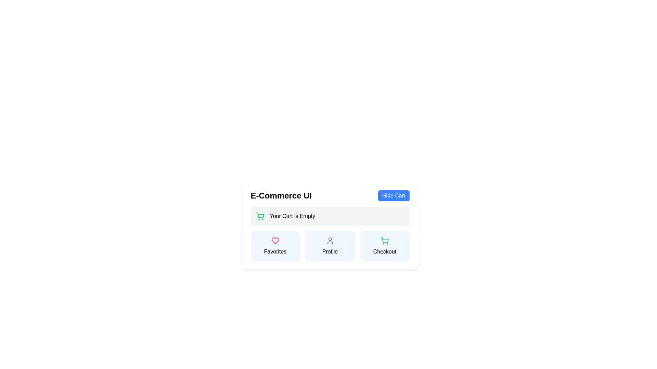 The image size is (657, 369). What do you see at coordinates (275, 251) in the screenshot?
I see `the 'Favorites' text label, which is styled in dark color on a light background and located below a heart icon in the leftmost column of the grid` at bounding box center [275, 251].